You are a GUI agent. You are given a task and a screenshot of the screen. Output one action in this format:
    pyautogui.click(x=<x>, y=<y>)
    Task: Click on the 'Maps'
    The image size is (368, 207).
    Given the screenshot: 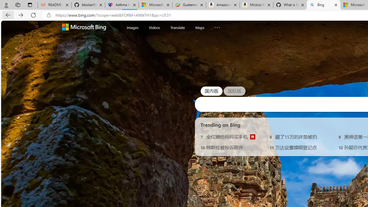 What is the action you would take?
    pyautogui.click(x=200, y=27)
    